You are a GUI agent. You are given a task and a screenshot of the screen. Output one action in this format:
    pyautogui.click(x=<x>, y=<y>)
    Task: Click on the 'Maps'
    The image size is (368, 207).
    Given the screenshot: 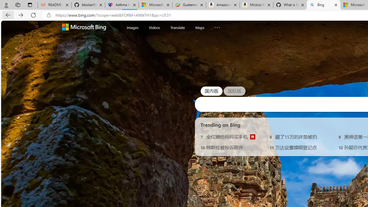 What is the action you would take?
    pyautogui.click(x=200, y=27)
    